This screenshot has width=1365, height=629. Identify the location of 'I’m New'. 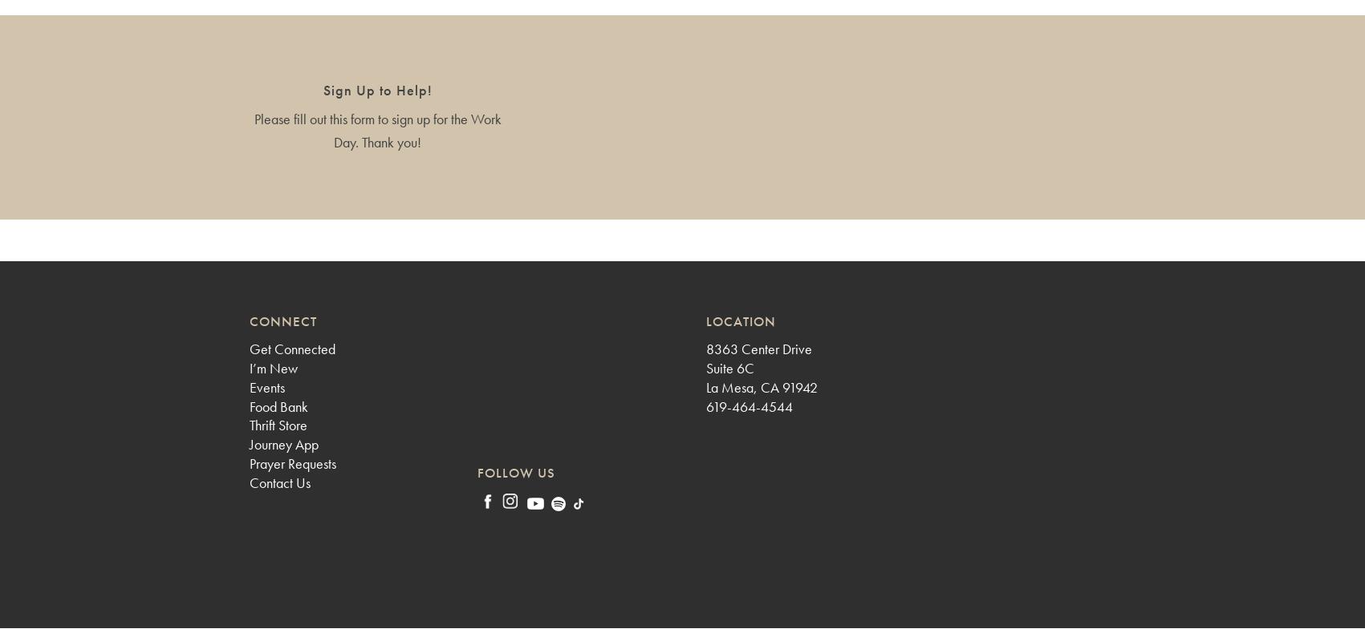
(273, 368).